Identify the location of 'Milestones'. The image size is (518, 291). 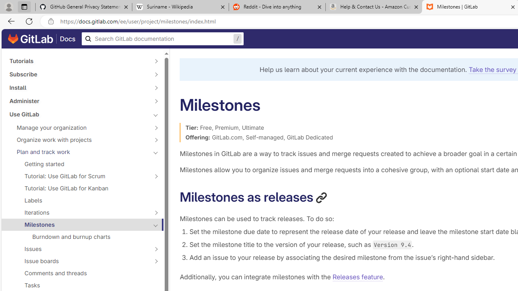
(78, 224).